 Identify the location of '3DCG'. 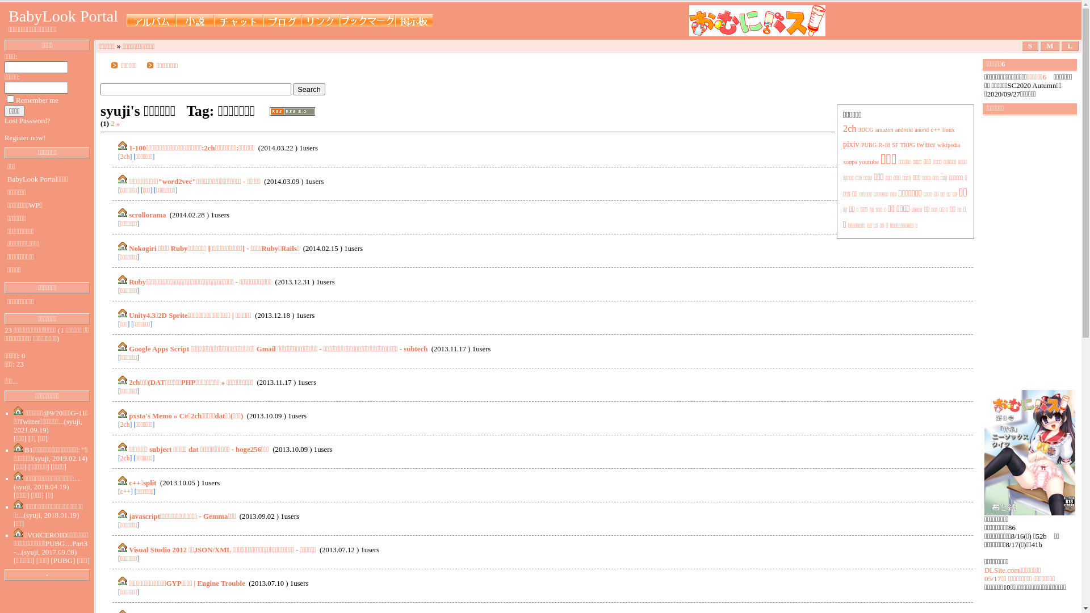
(865, 129).